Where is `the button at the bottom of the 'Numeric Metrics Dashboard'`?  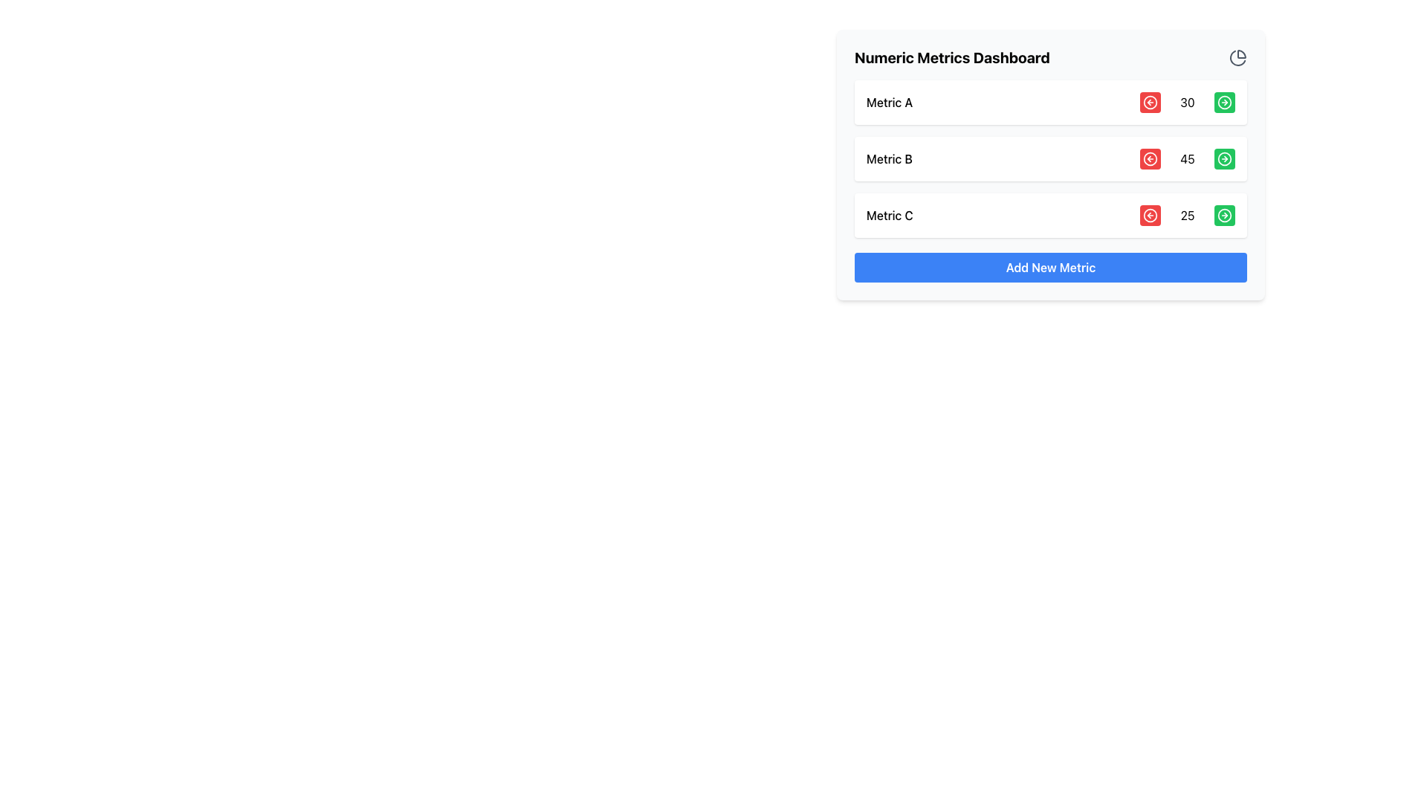 the button at the bottom of the 'Numeric Metrics Dashboard' is located at coordinates (1050, 266).